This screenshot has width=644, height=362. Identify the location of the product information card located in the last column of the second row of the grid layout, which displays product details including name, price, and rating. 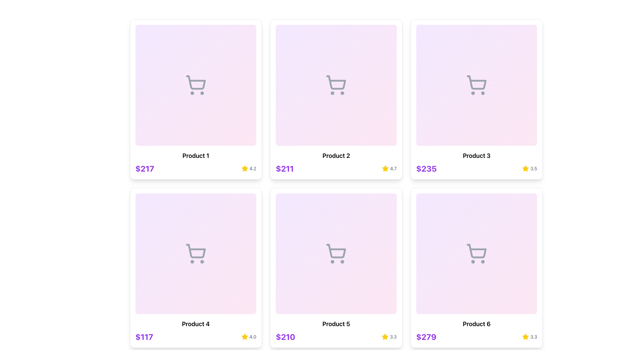
(476, 267).